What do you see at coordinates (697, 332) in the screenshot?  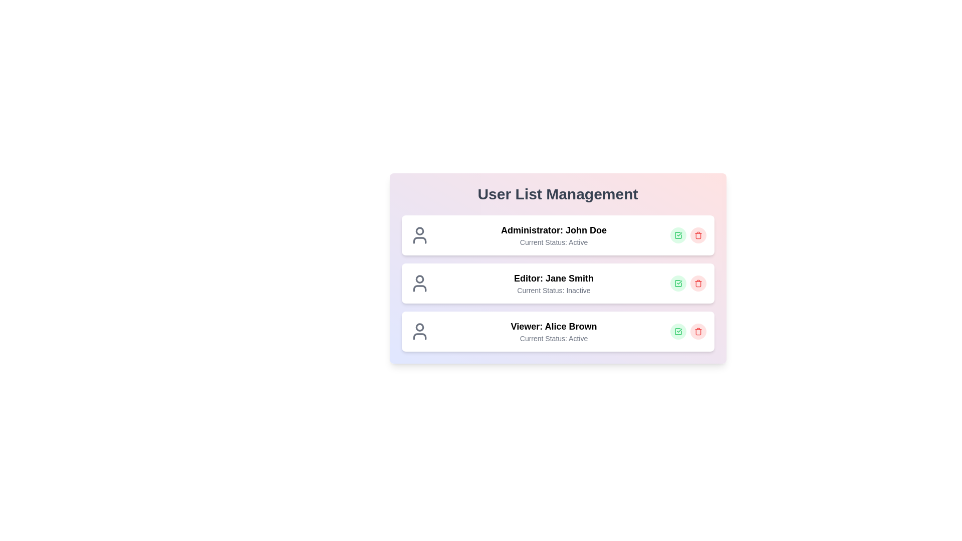 I see `the delete button located at the right end of the third entry in a vertically stacked list of user roles` at bounding box center [697, 332].